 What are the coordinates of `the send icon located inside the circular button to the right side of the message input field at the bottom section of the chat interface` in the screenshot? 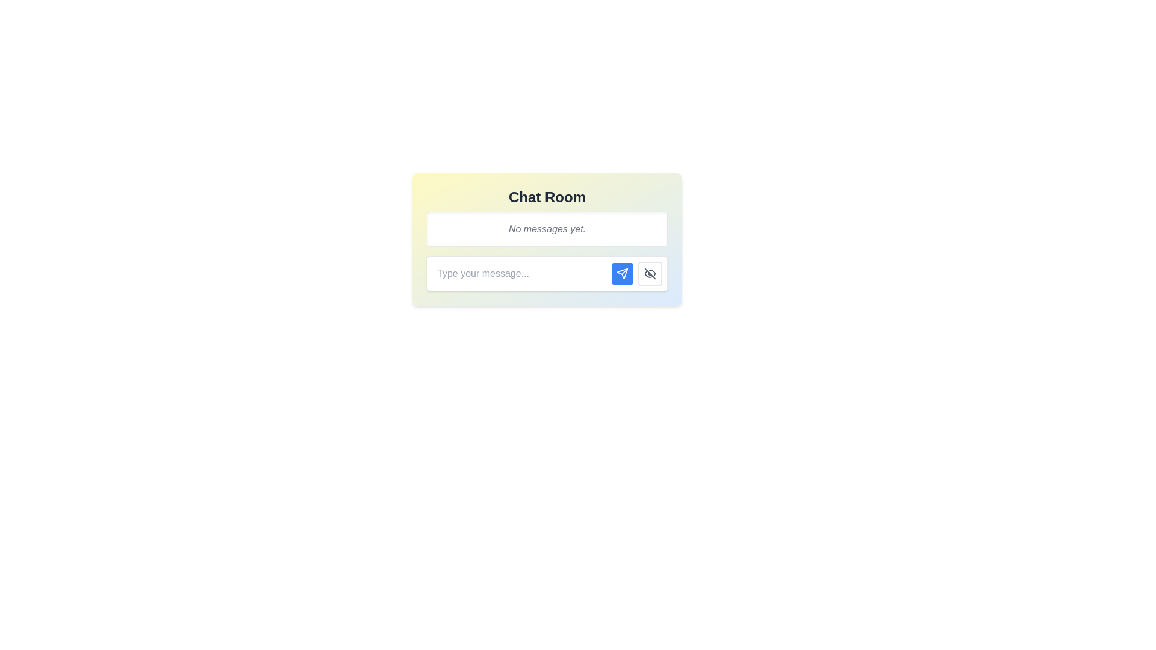 It's located at (622, 274).